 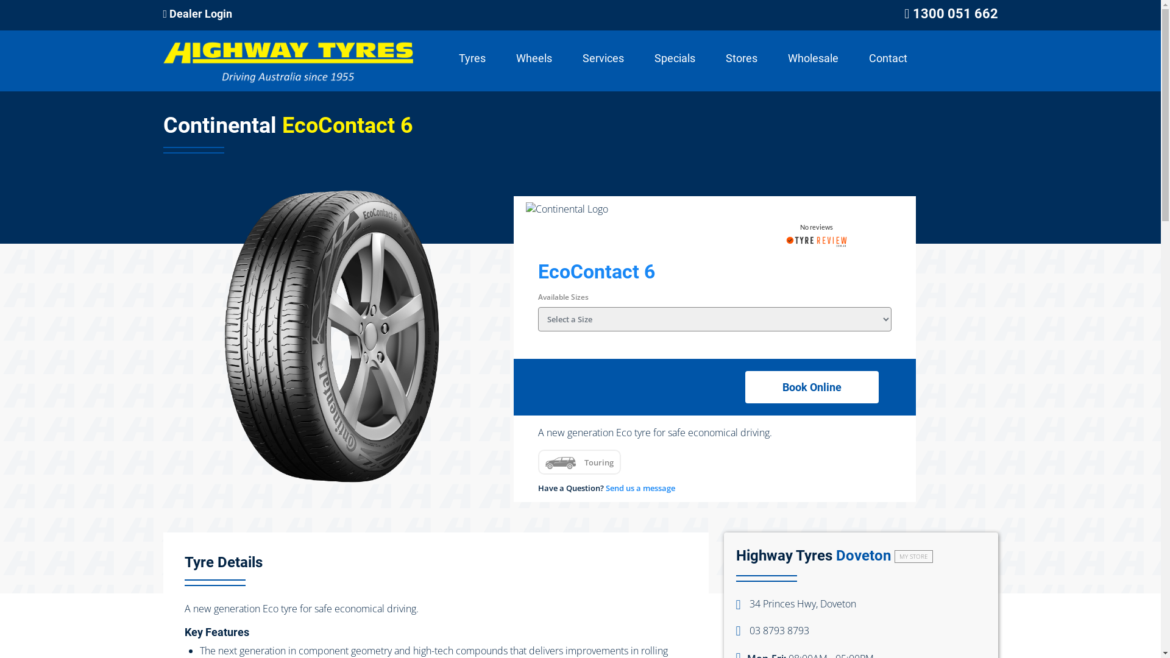 What do you see at coordinates (533, 58) in the screenshot?
I see `'Wheels'` at bounding box center [533, 58].